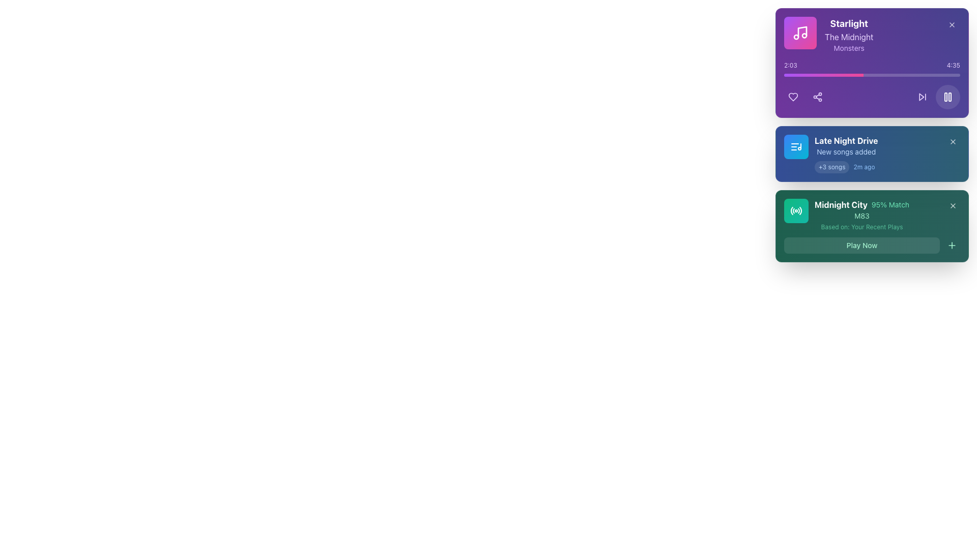 The image size is (977, 549). I want to click on the label displaying 'Based on: Your Recent Plays' within the green card interface of 'Midnight City', located beneath 'M83', so click(861, 227).